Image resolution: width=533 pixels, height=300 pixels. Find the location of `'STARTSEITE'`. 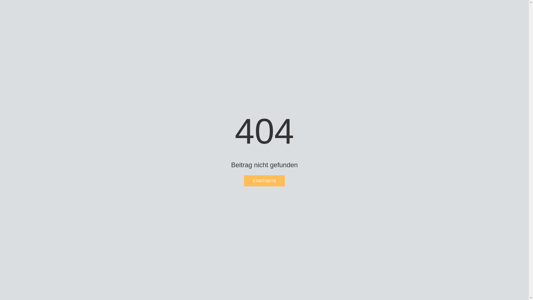

'STARTSEITE' is located at coordinates (264, 181).